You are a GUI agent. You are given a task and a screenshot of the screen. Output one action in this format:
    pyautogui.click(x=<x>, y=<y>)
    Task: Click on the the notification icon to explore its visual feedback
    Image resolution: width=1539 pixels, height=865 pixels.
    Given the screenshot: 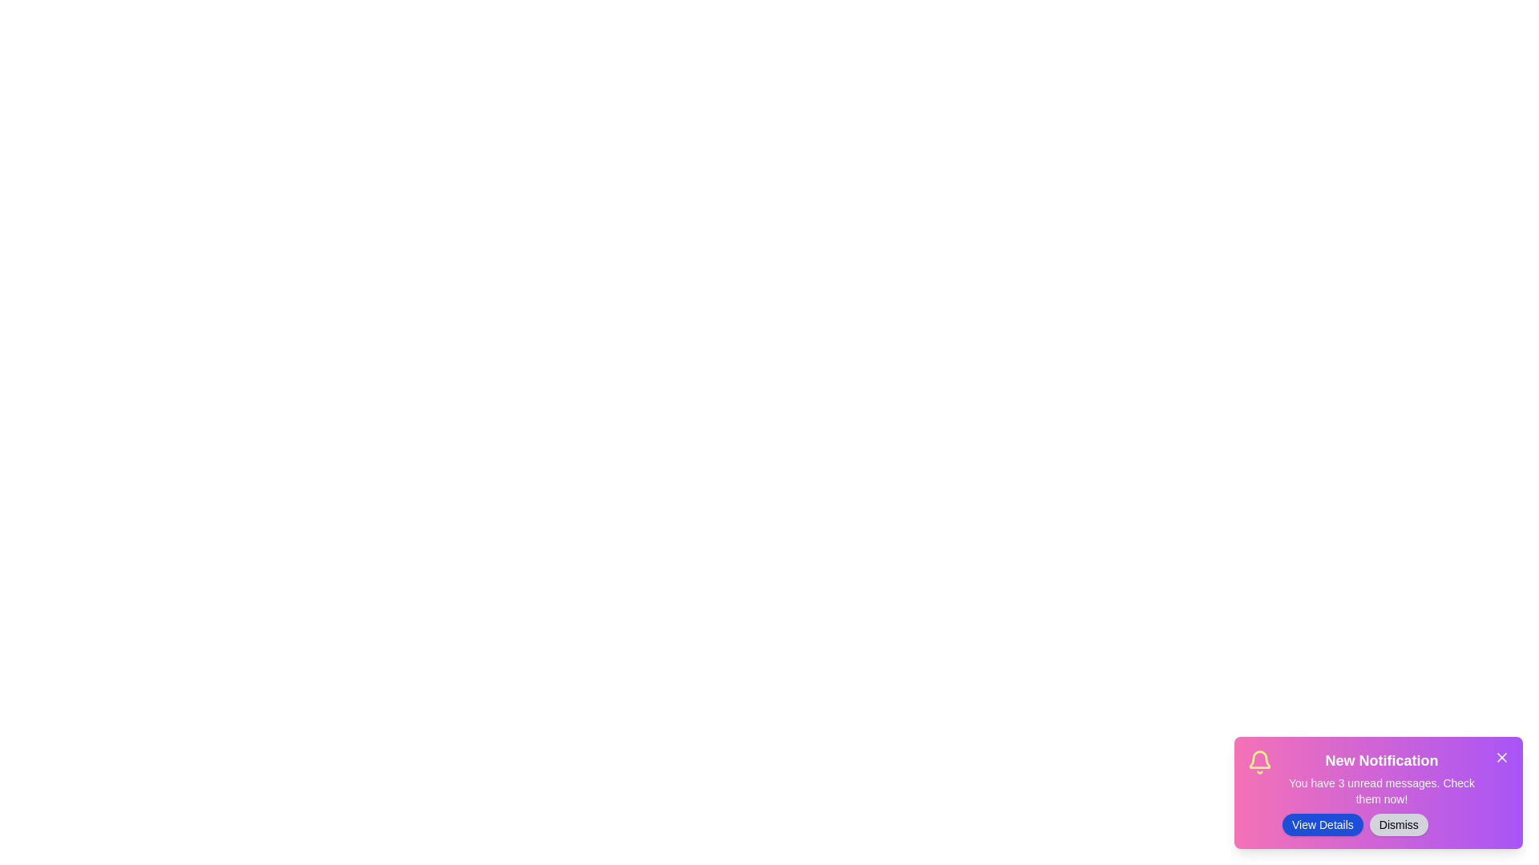 What is the action you would take?
    pyautogui.click(x=1258, y=762)
    